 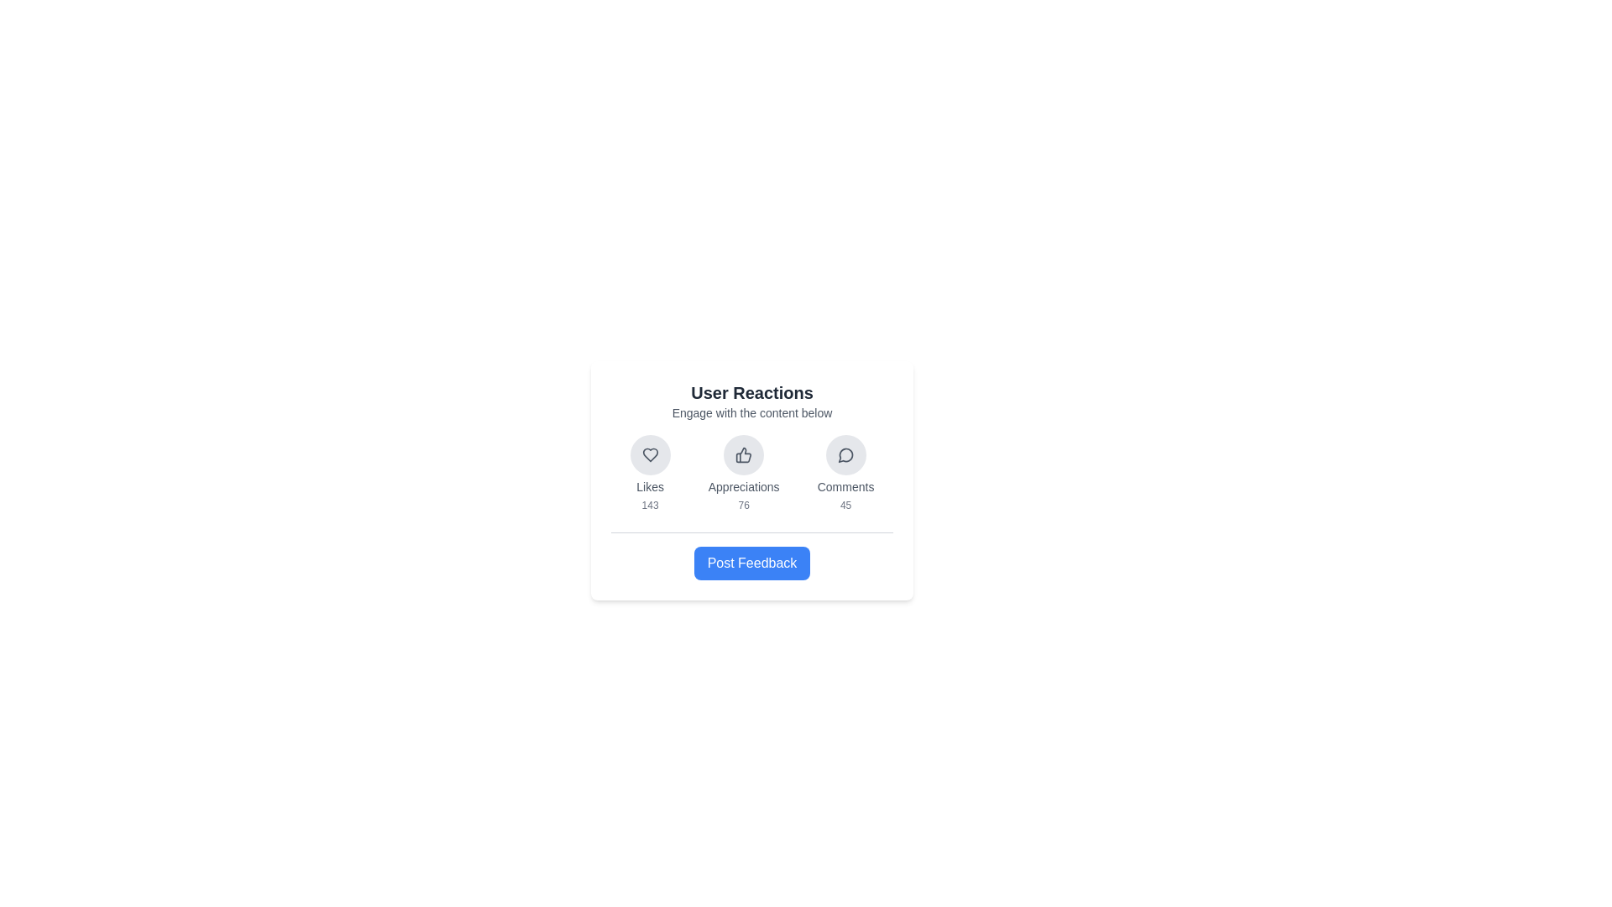 I want to click on the thumbs-up icon representing the 'Appreciations' option in the reaction section of the interface, so click(x=743, y=455).